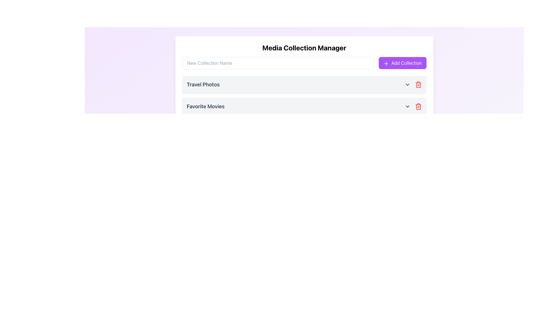  Describe the element at coordinates (418, 107) in the screenshot. I see `the Trash Bin icon located on the right side of the second row in the list of collections` at that location.